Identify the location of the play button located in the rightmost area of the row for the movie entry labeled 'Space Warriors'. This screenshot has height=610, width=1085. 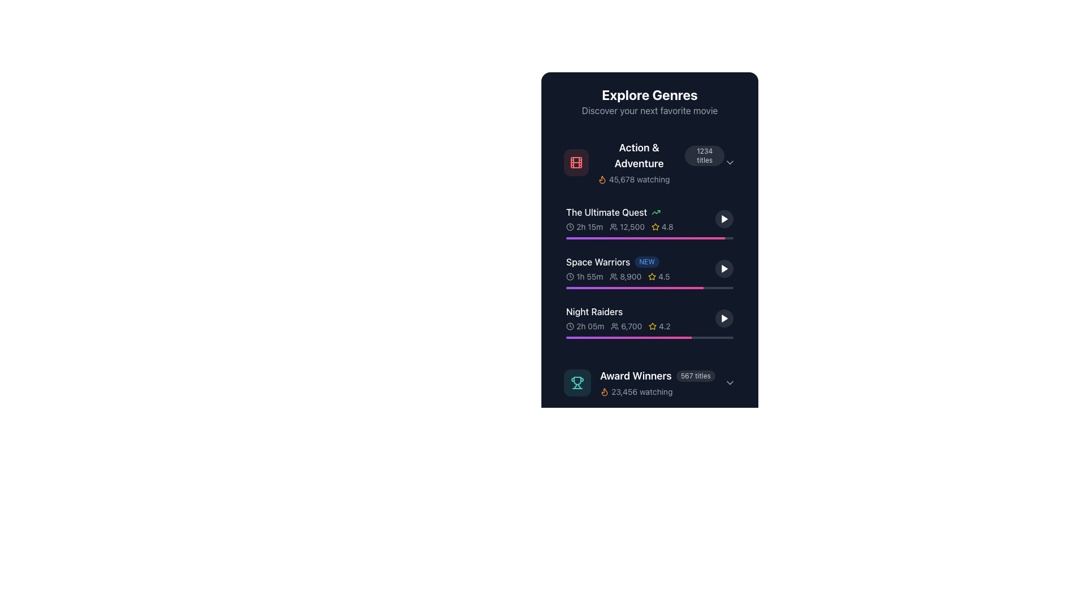
(724, 268).